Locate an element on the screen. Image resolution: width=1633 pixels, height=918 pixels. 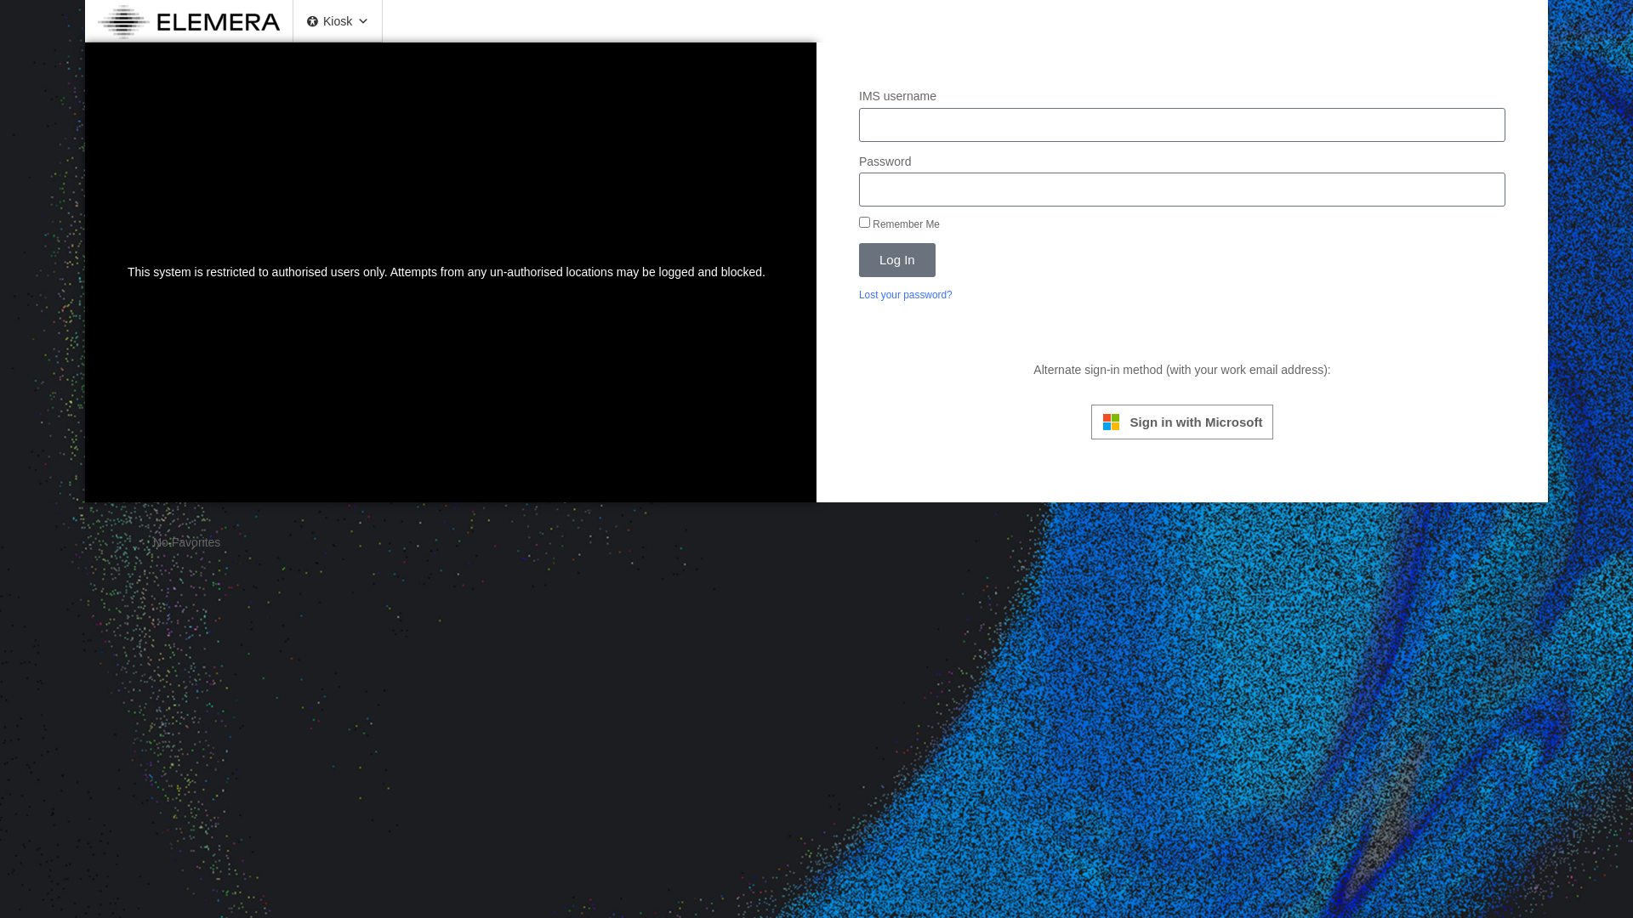
'Sign in with Microsoft' is located at coordinates (1181, 421).